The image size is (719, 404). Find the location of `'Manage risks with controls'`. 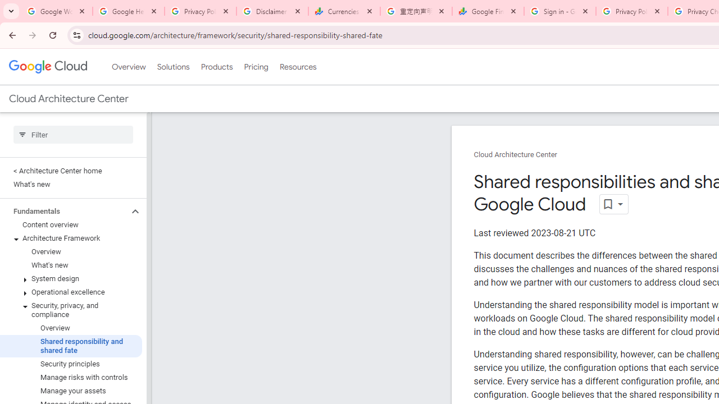

'Manage risks with controls' is located at coordinates (70, 377).